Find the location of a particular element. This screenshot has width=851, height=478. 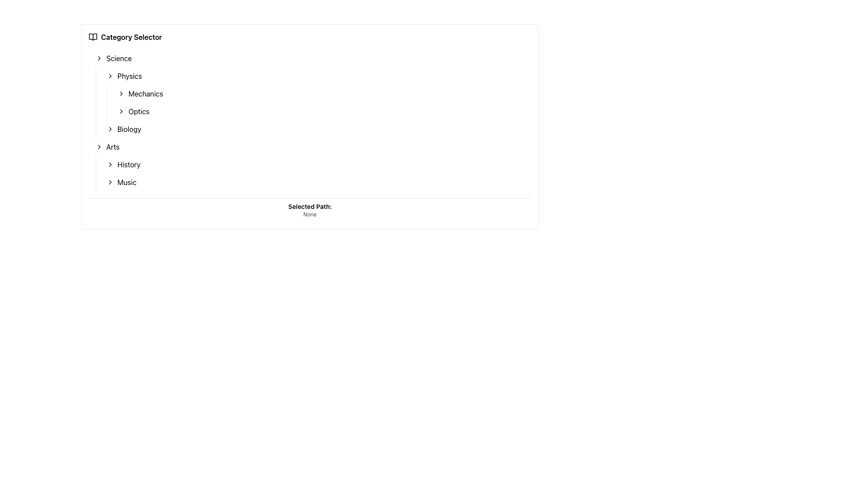

the 'Biology' text label located under the 'Science' category in the hierarchical tree list is located at coordinates (129, 129).